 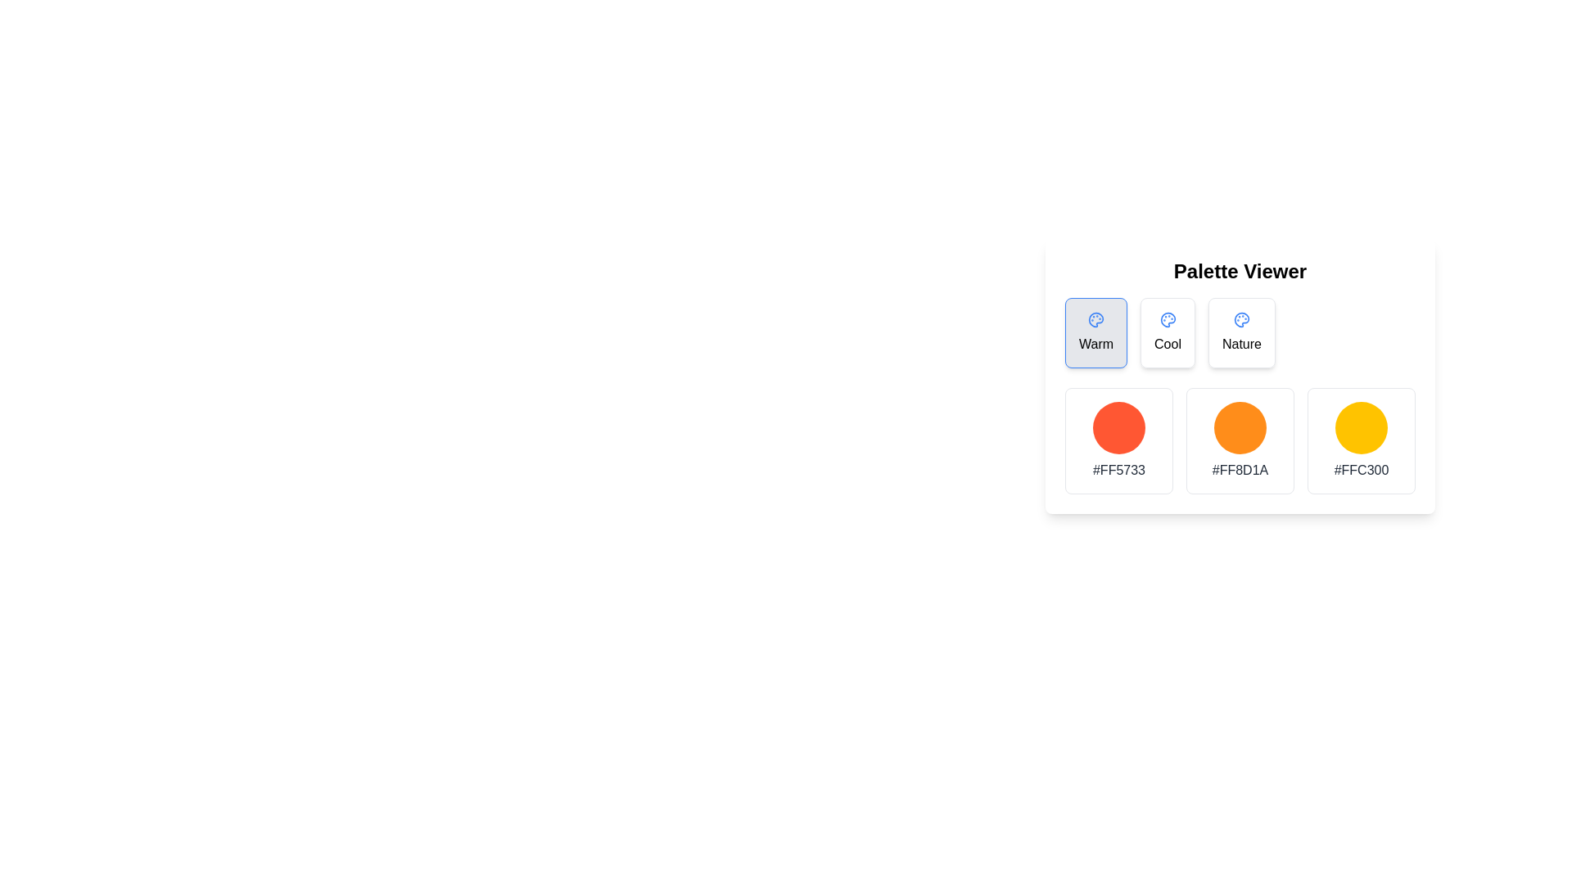 I want to click on the text label displaying the color code '#FF5733', which is styled as a secondary descriptive text and located below its corresponding circular color swatch, so click(x=1118, y=470).